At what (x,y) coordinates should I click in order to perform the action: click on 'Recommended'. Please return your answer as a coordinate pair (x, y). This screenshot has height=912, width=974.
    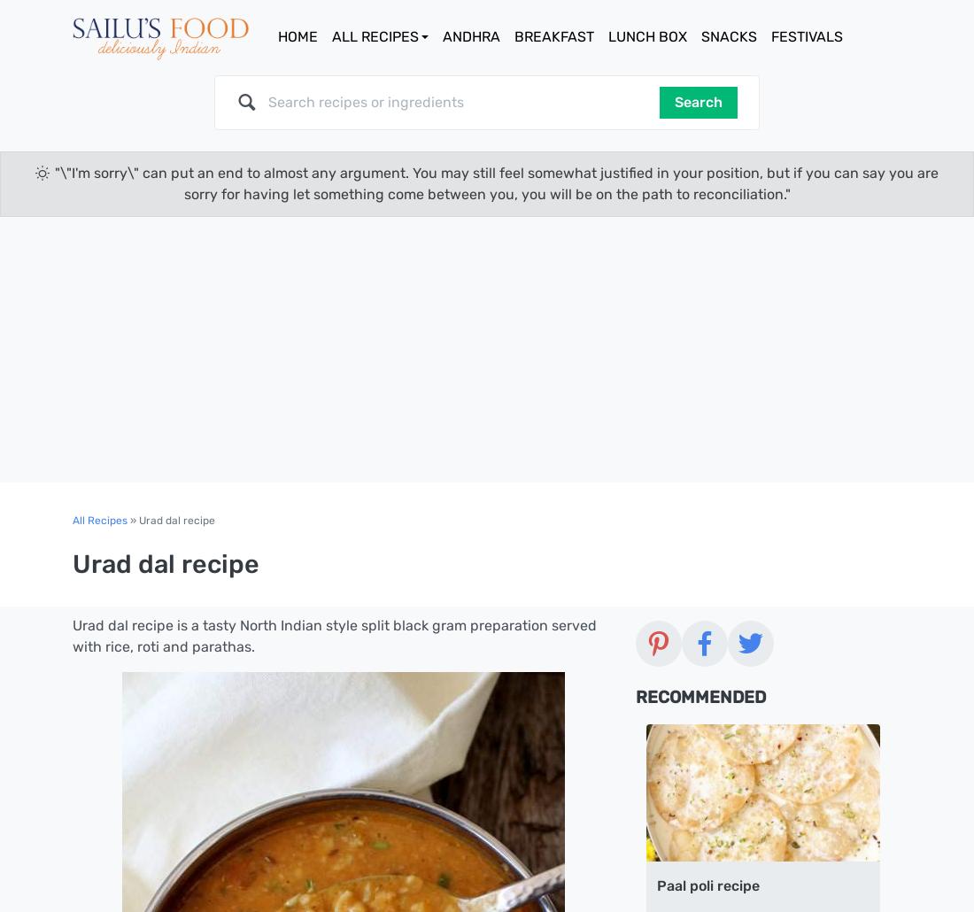
    Looking at the image, I should click on (700, 695).